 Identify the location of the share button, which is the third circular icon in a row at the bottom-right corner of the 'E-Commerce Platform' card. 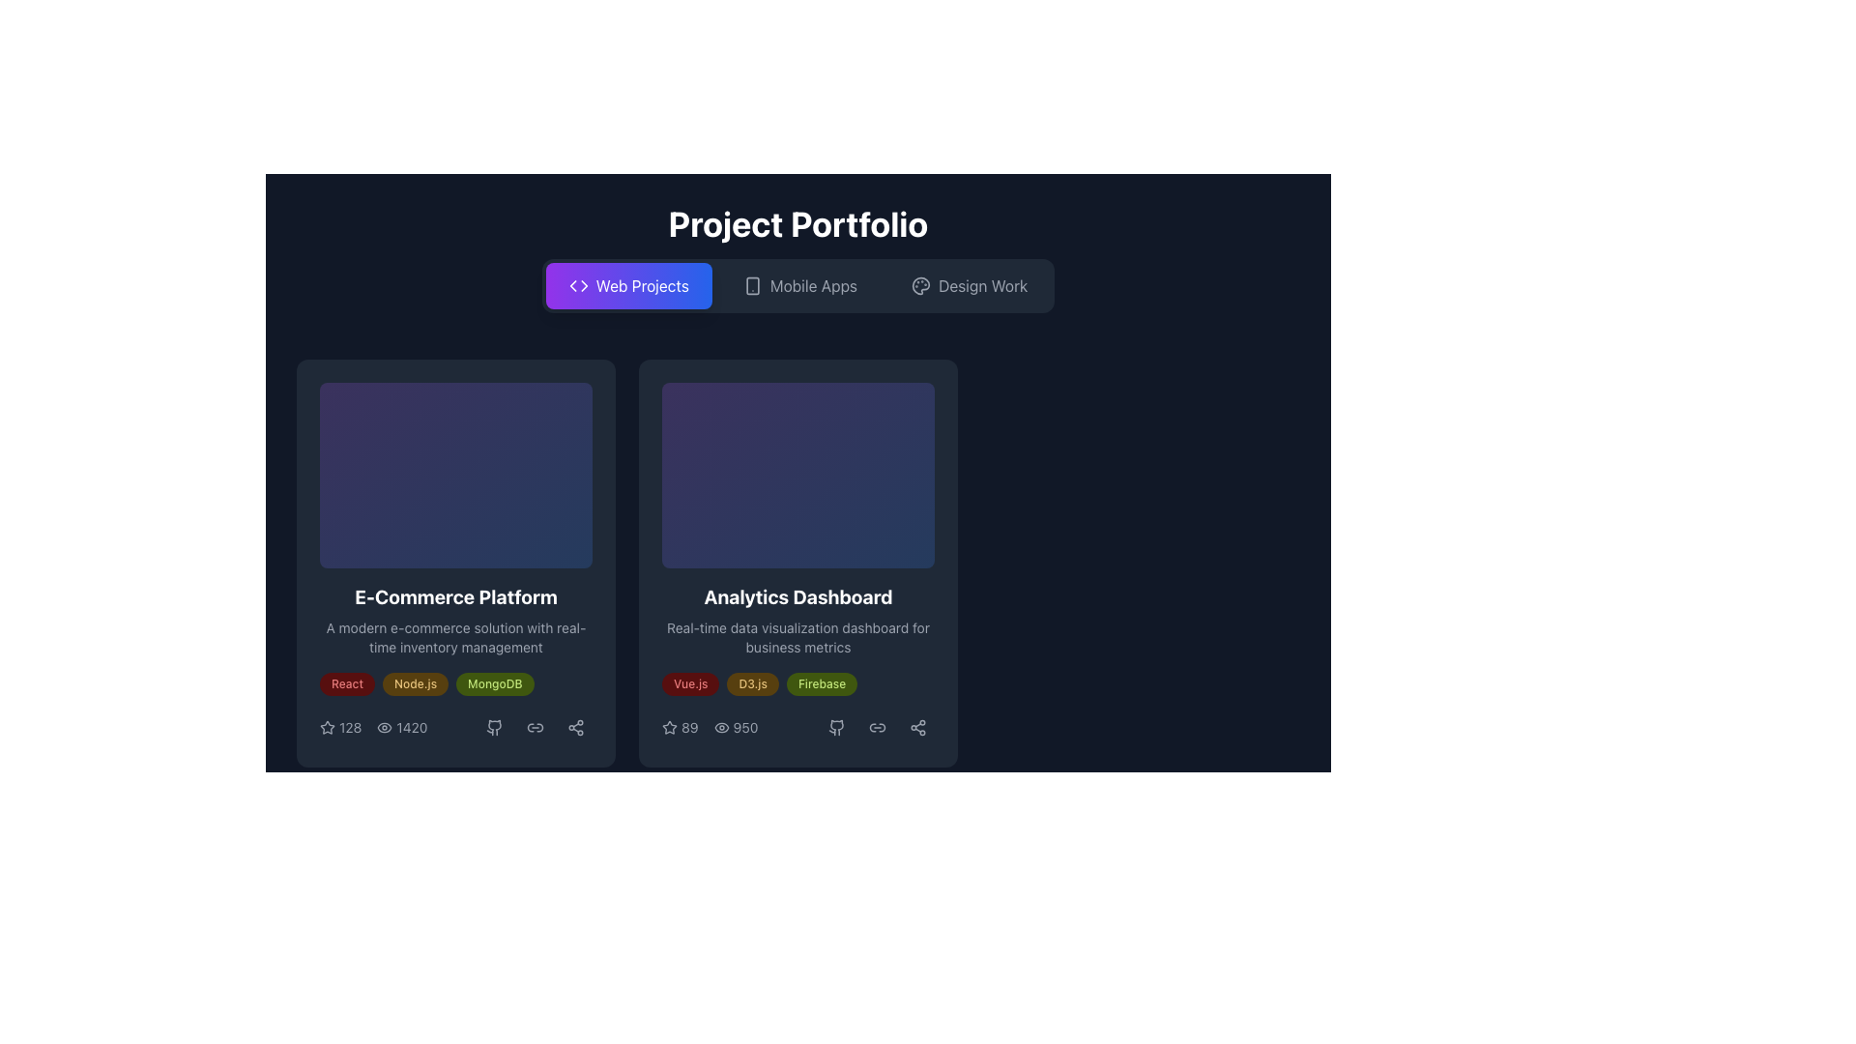
(574, 727).